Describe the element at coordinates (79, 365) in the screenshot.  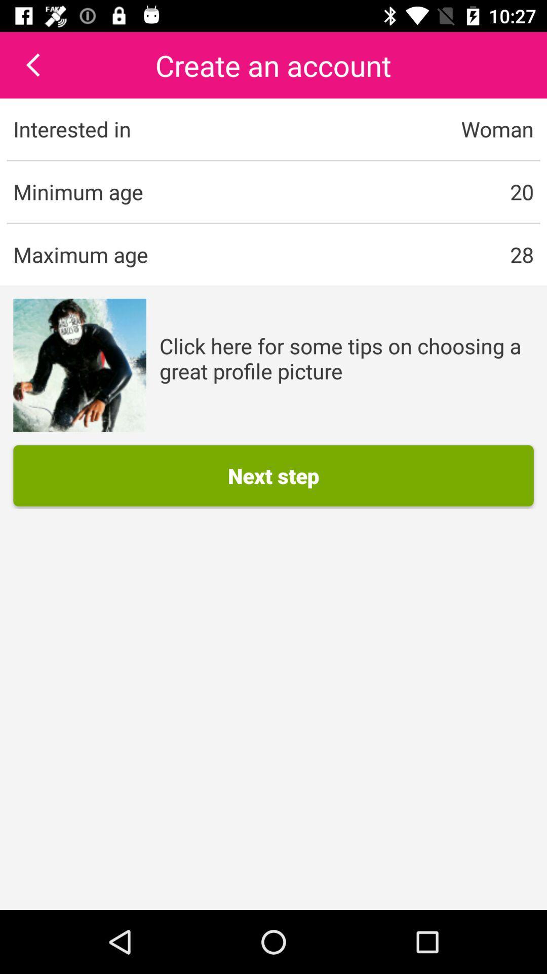
I see `icon on the left` at that location.